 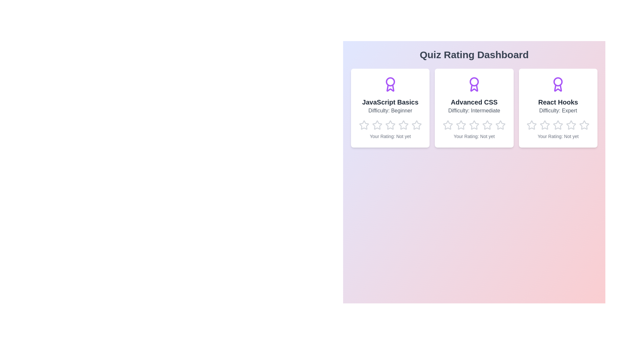 I want to click on the star corresponding to the rating 3 for the quiz Advanced CSS, so click(x=468, y=120).